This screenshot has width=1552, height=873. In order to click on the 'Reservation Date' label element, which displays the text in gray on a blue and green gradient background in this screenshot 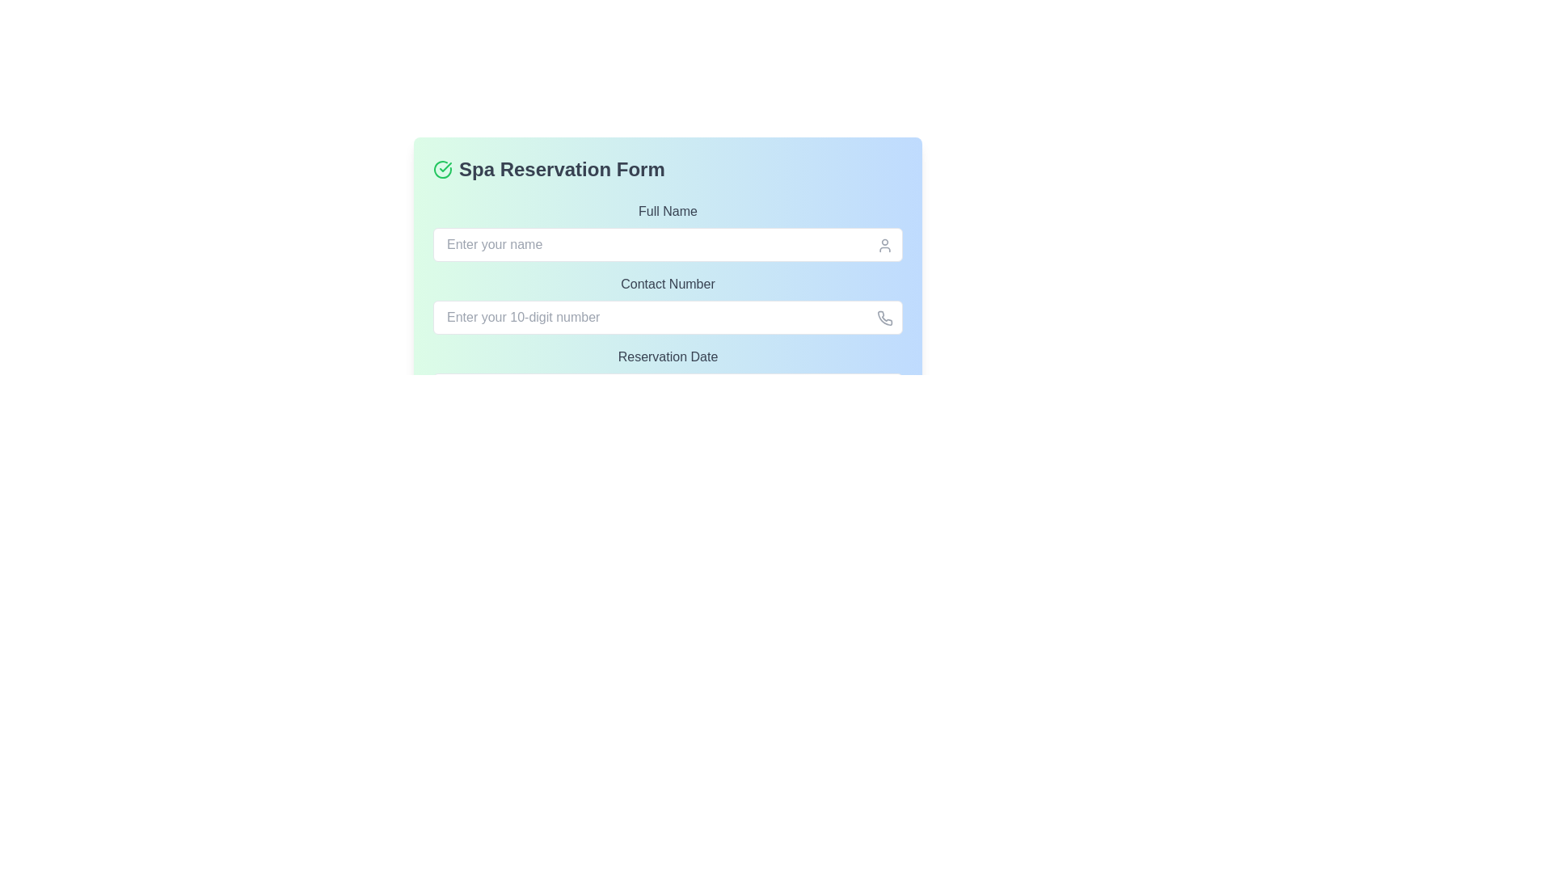, I will do `click(668, 356)`.